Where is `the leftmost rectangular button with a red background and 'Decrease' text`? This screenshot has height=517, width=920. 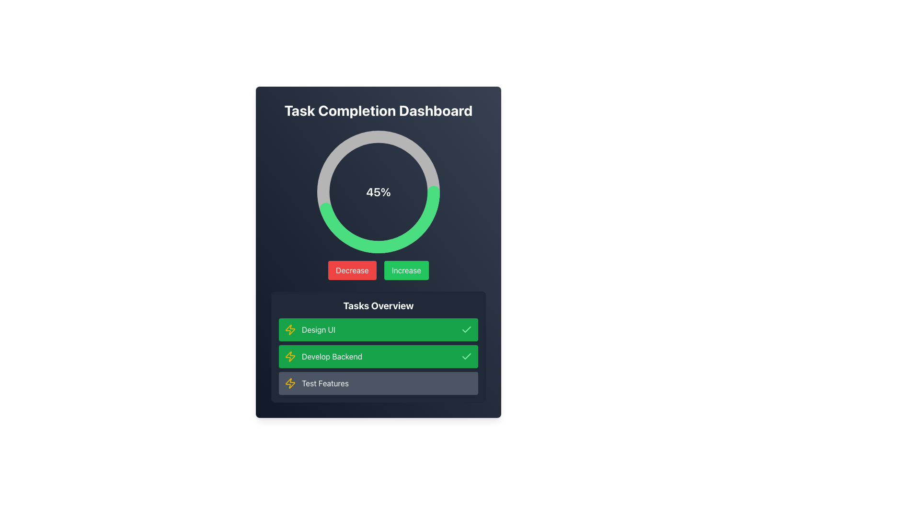
the leftmost rectangular button with a red background and 'Decrease' text is located at coordinates (352, 270).